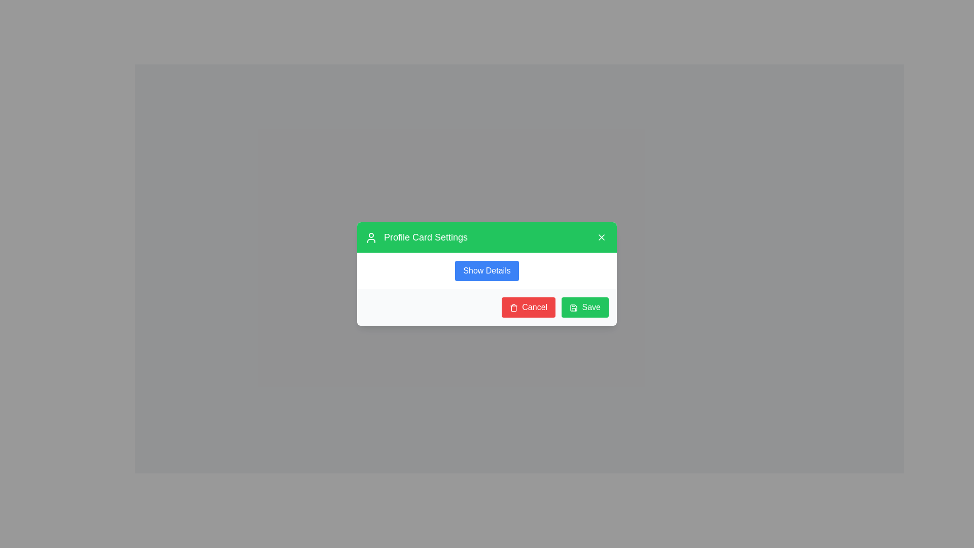 This screenshot has height=548, width=974. I want to click on the close button located in the top-right corner of the green title bar labeled 'Profile Card Settings', so click(601, 237).